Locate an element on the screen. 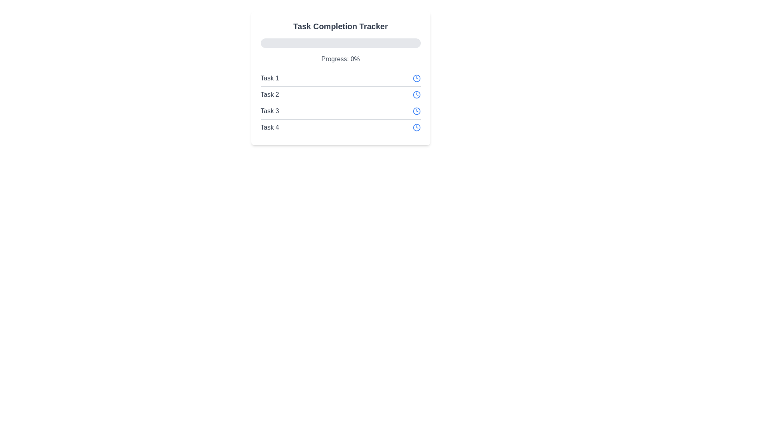  task name from the fourth row of the Task Completion Tracker list, which represents Task 4 is located at coordinates (340, 127).